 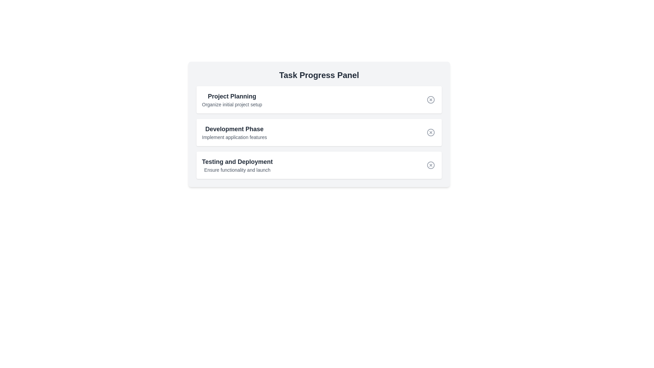 I want to click on the delete/close button located in the first task row, right of the 'Project Planning' title, which is styled as a rounded gray button, so click(x=431, y=100).